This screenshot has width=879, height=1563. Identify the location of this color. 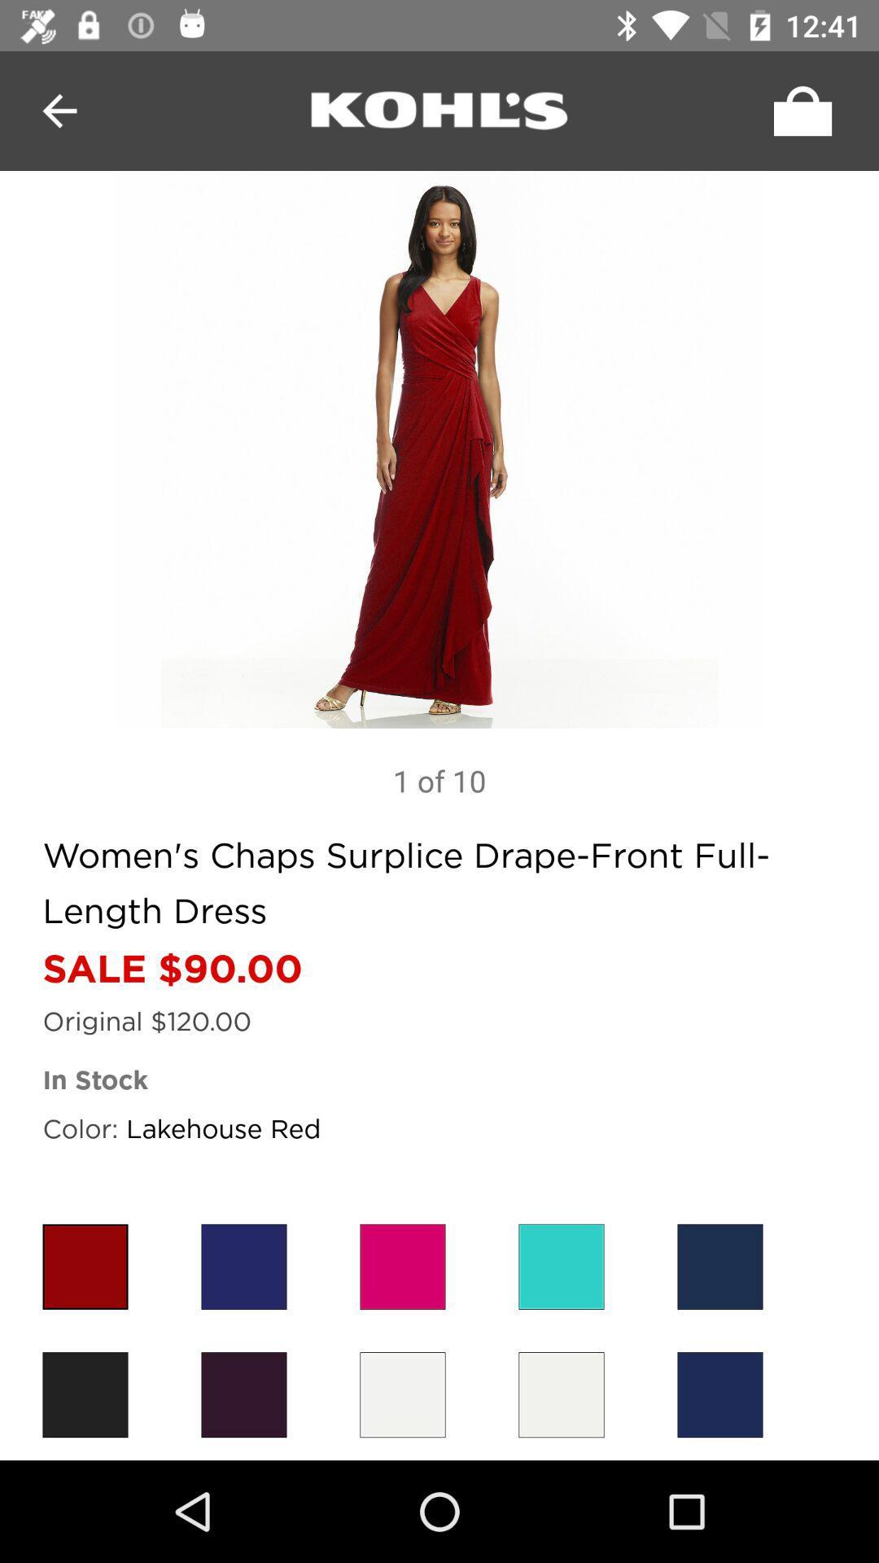
(85, 1266).